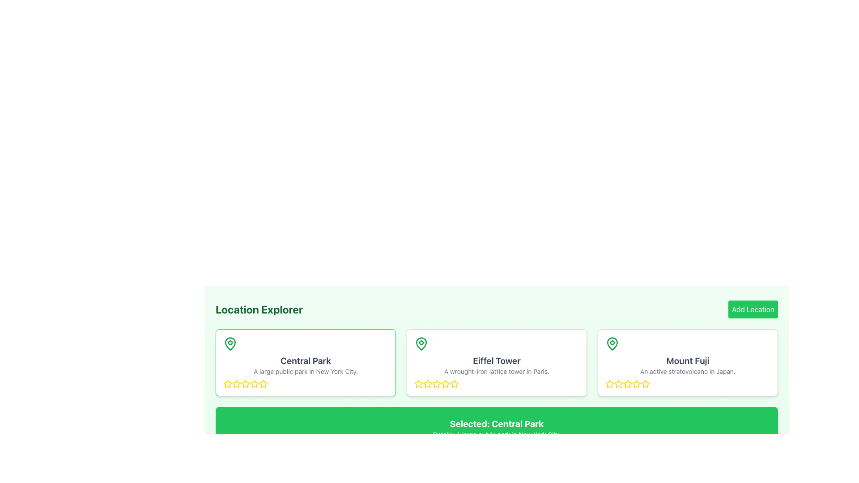  Describe the element at coordinates (626, 383) in the screenshot. I see `the second star icon with a yellow outline and white fill, located beneath the 'Mount Fuji' label` at that location.